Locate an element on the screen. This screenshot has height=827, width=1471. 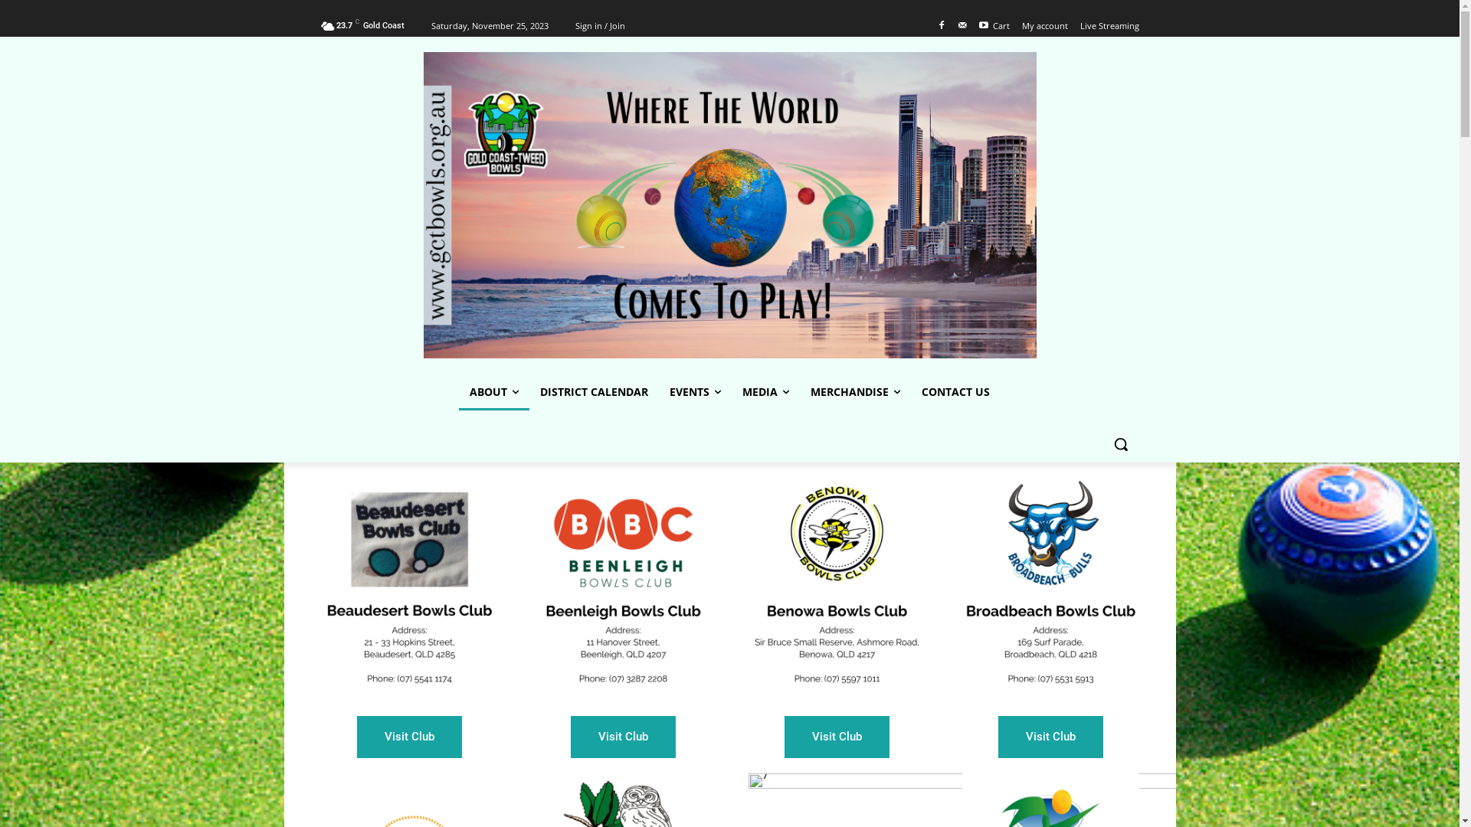
'DISTRICT CALENDAR' is located at coordinates (593, 391).